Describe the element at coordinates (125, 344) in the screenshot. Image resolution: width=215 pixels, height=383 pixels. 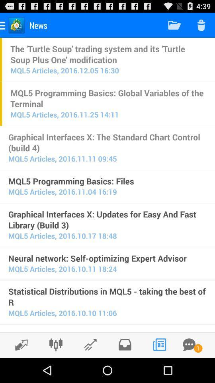
I see `archive` at that location.